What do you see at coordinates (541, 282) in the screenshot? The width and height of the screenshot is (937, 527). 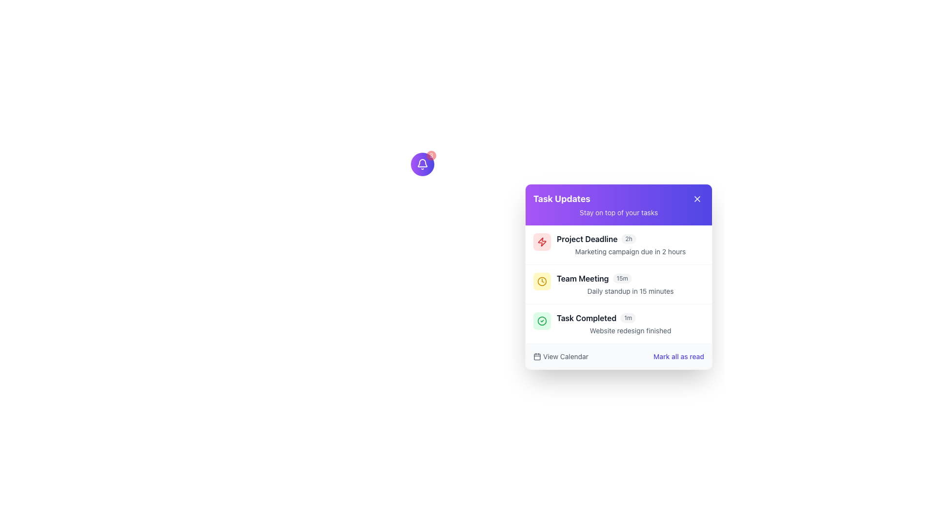 I see `the clock icon, which is a yellow circular icon with clock hands, located inside the notification component to the far left of the 'Task Updates' section` at bounding box center [541, 282].